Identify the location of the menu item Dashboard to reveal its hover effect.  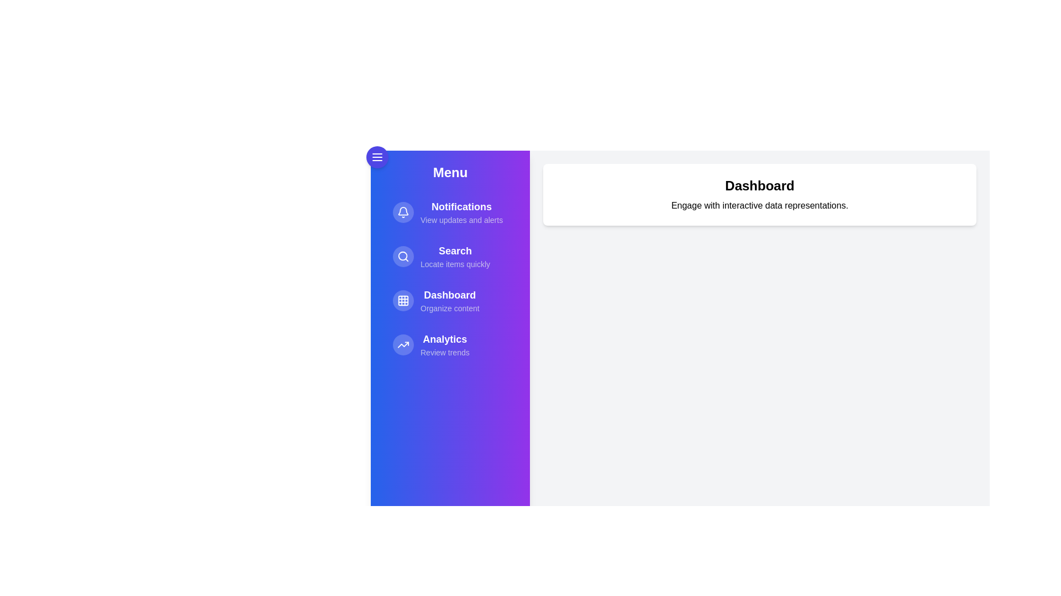
(450, 300).